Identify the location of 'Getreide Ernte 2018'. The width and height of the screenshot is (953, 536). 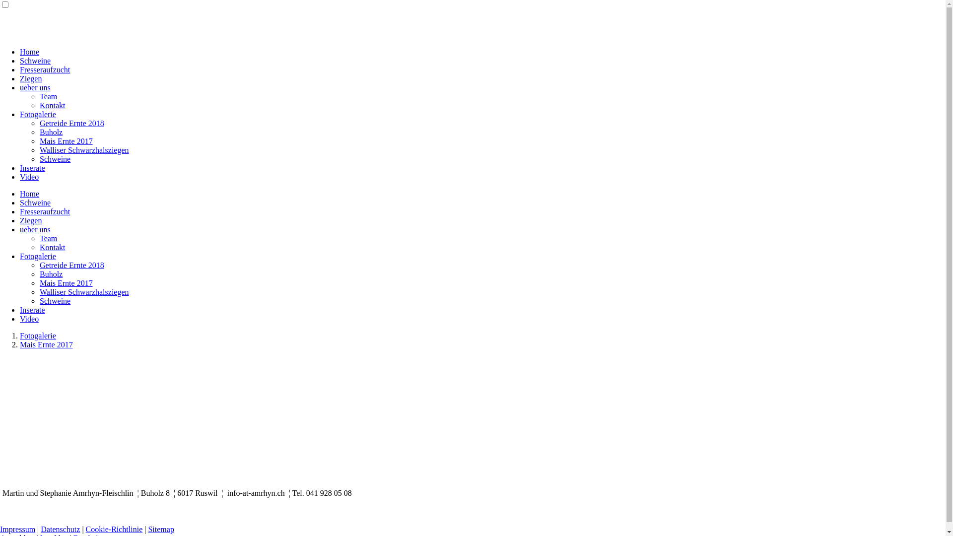
(71, 265).